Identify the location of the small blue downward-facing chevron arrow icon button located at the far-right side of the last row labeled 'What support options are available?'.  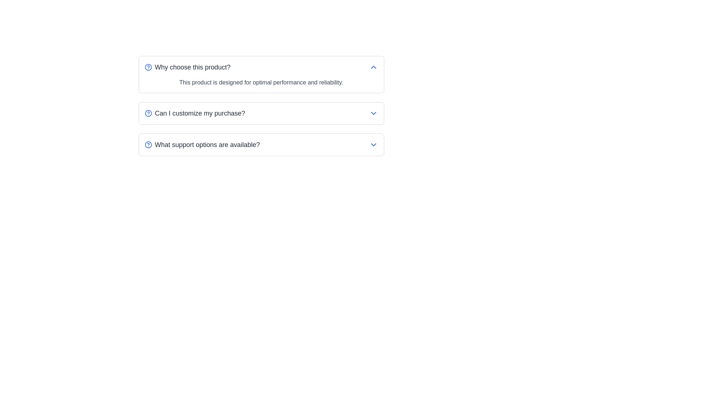
(373, 145).